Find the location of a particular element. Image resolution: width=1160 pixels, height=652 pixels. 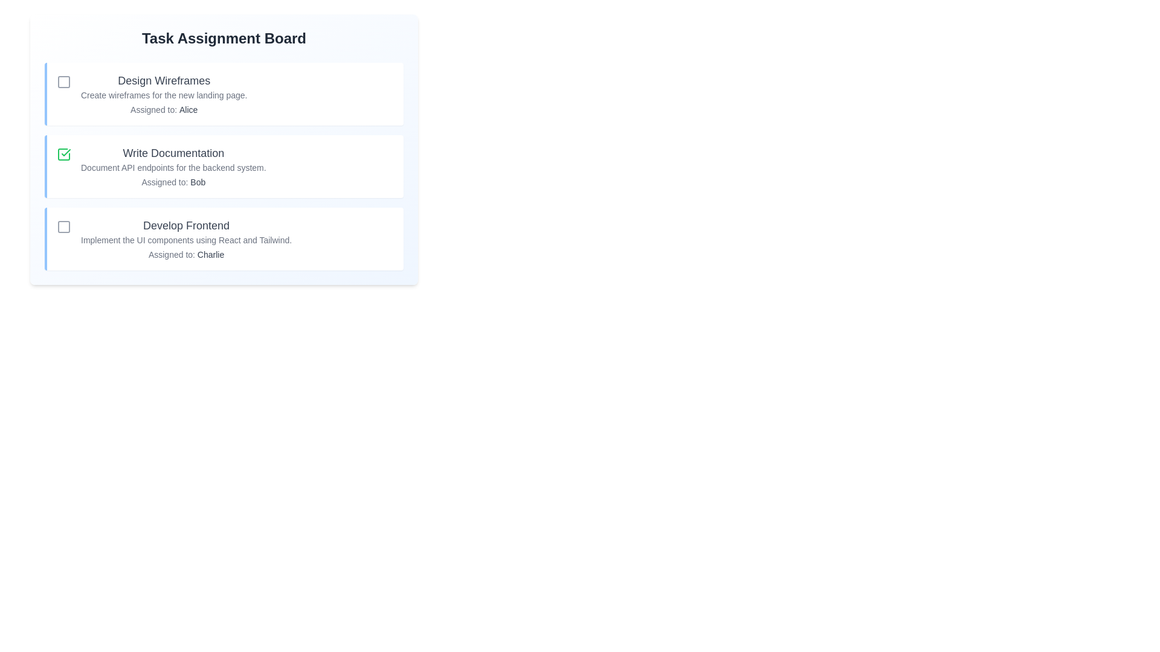

the task entry card representing a task in the task assignment system, located below 'Write Documentation' and above any additional tasks is located at coordinates (225, 239).